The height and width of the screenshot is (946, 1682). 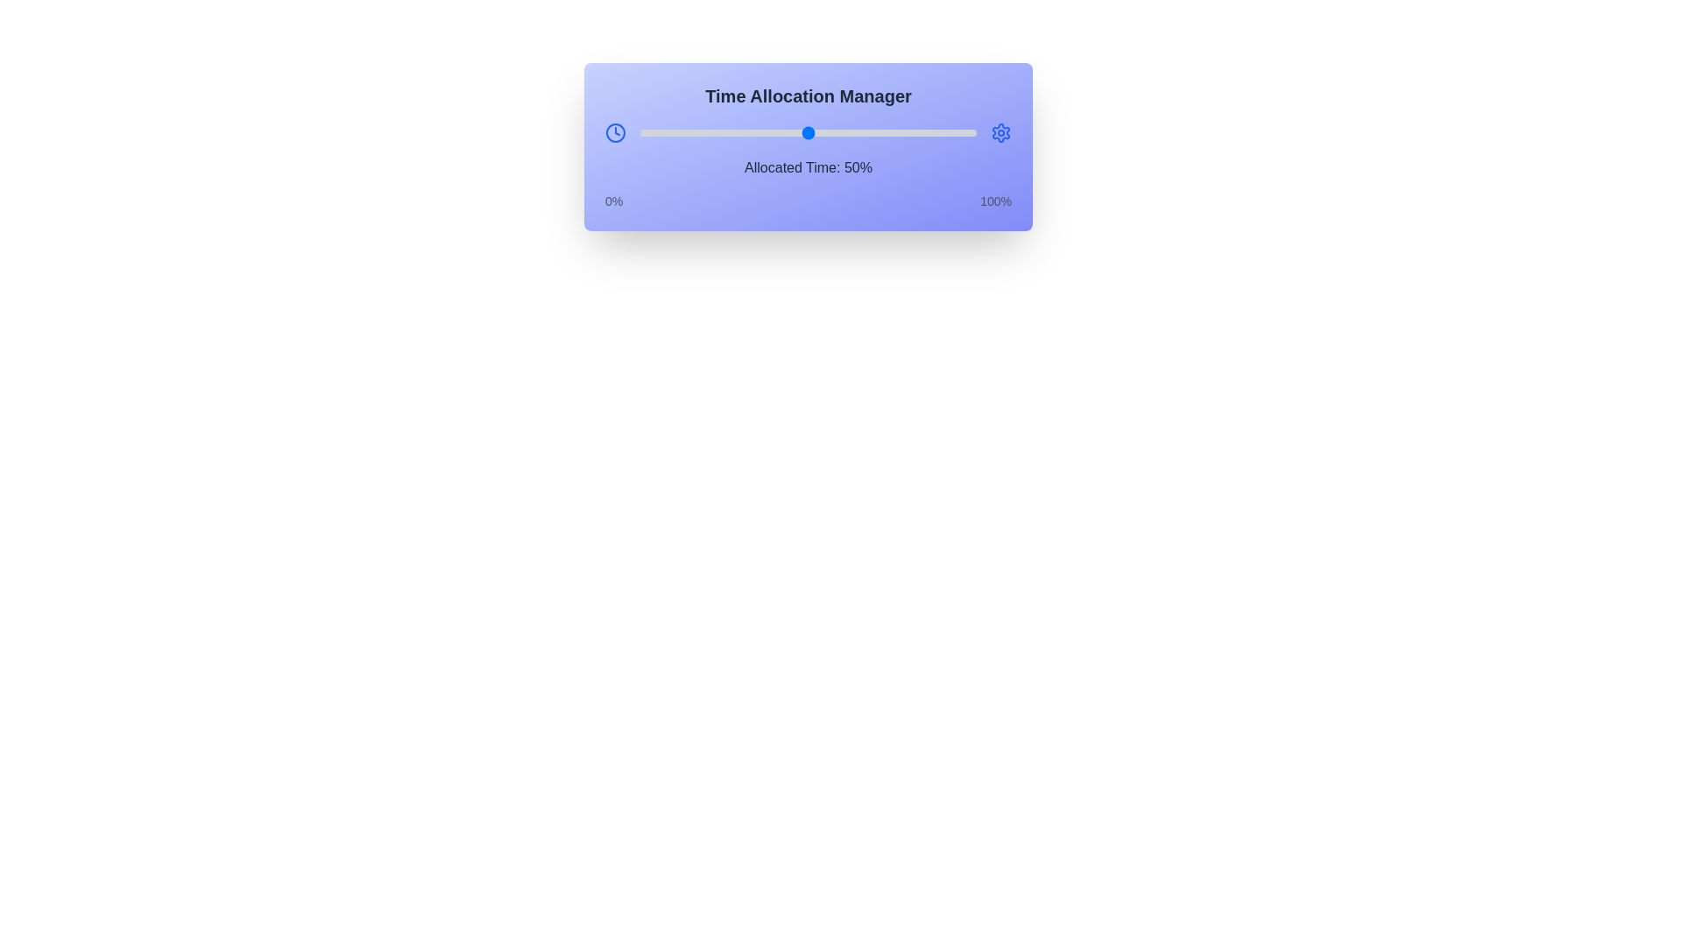 I want to click on the settings icon to access configuration options, so click(x=1000, y=131).